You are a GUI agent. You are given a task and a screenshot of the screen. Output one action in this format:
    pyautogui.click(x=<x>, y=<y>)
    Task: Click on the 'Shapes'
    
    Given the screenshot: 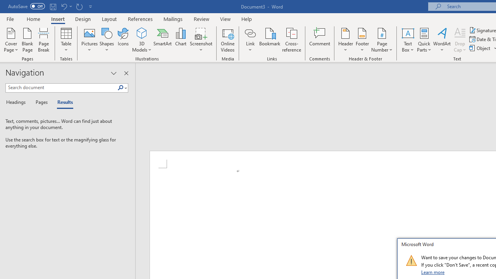 What is the action you would take?
    pyautogui.click(x=106, y=40)
    